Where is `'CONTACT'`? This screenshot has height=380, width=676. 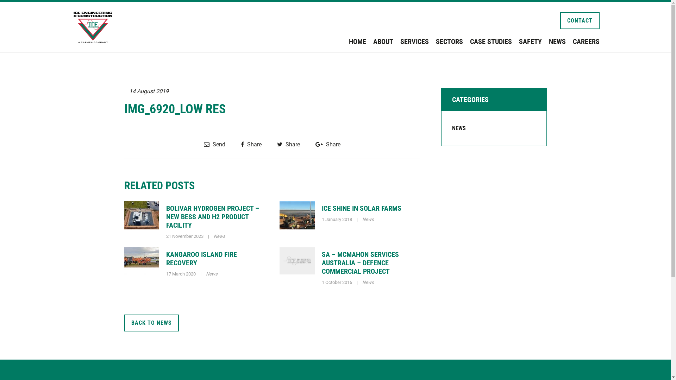
'CONTACT' is located at coordinates (580, 20).